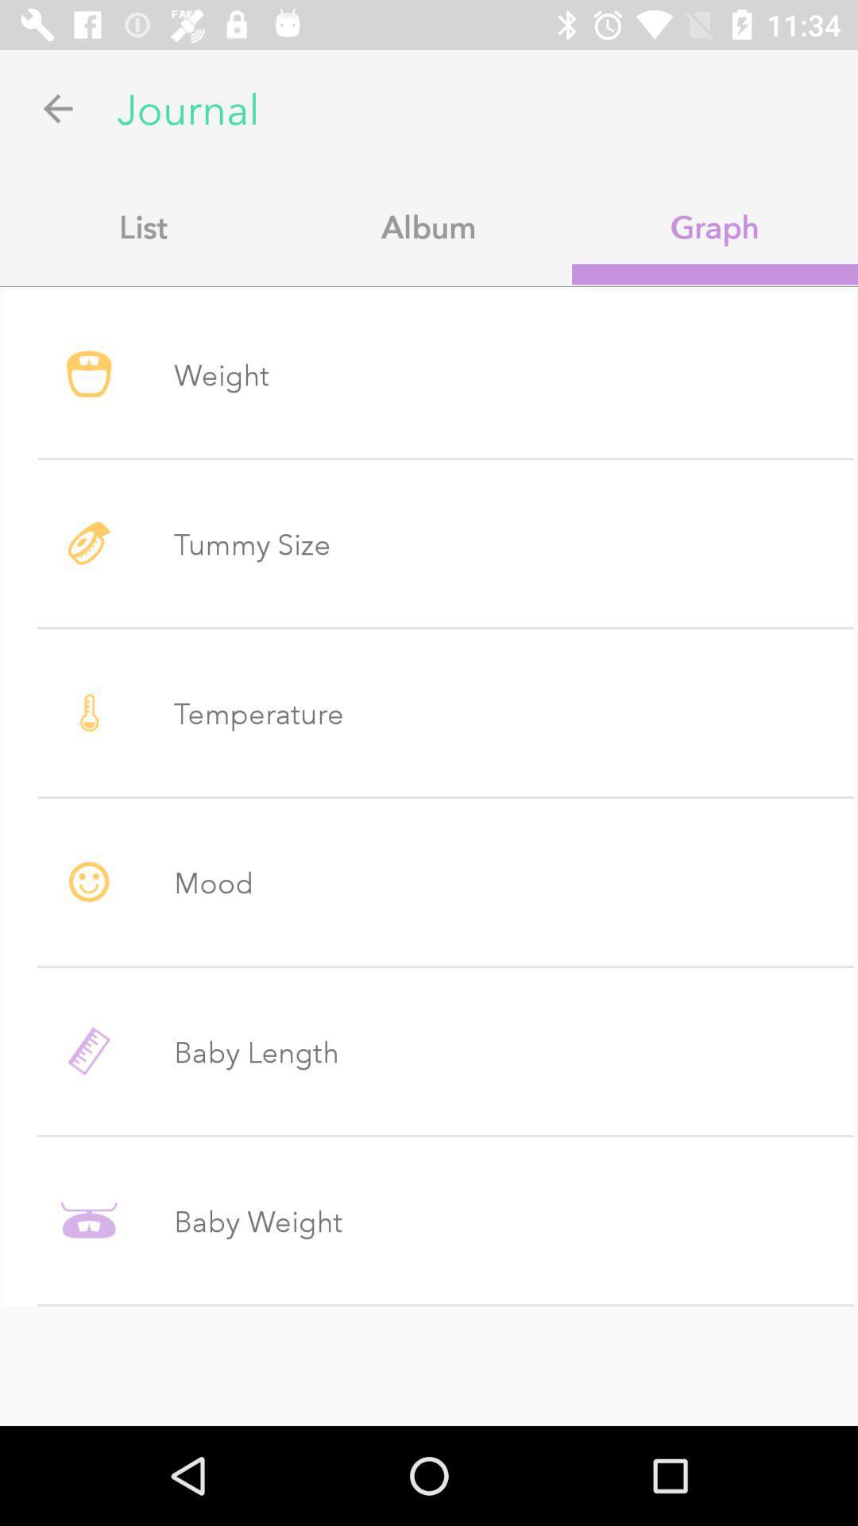  Describe the element at coordinates (57, 107) in the screenshot. I see `item above the list item` at that location.